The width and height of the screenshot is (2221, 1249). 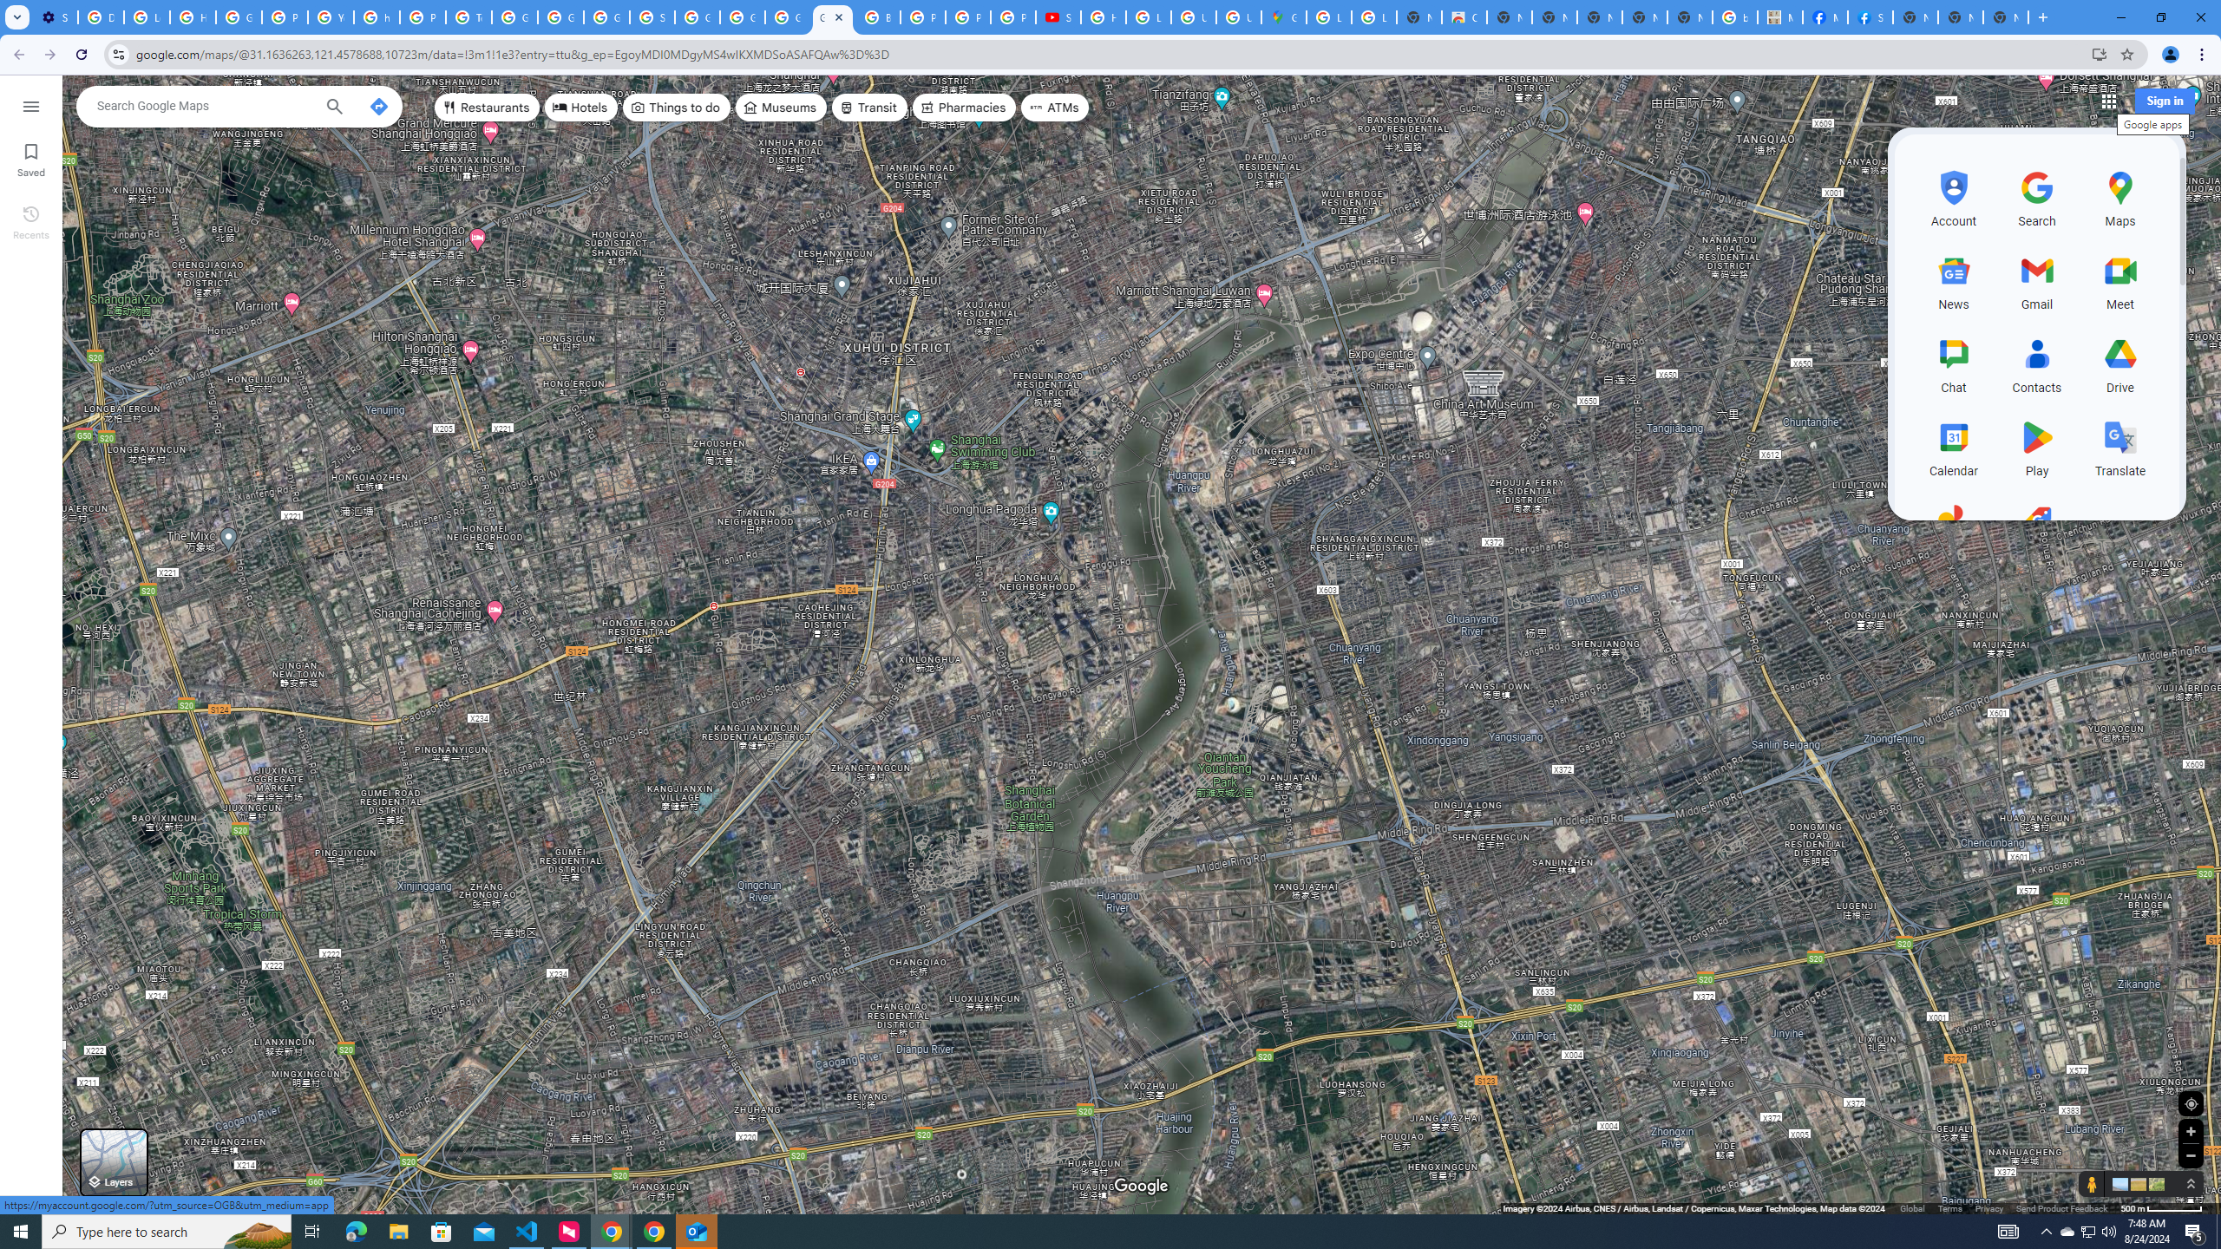 I want to click on 'Show Your Location', so click(x=2190, y=1102).